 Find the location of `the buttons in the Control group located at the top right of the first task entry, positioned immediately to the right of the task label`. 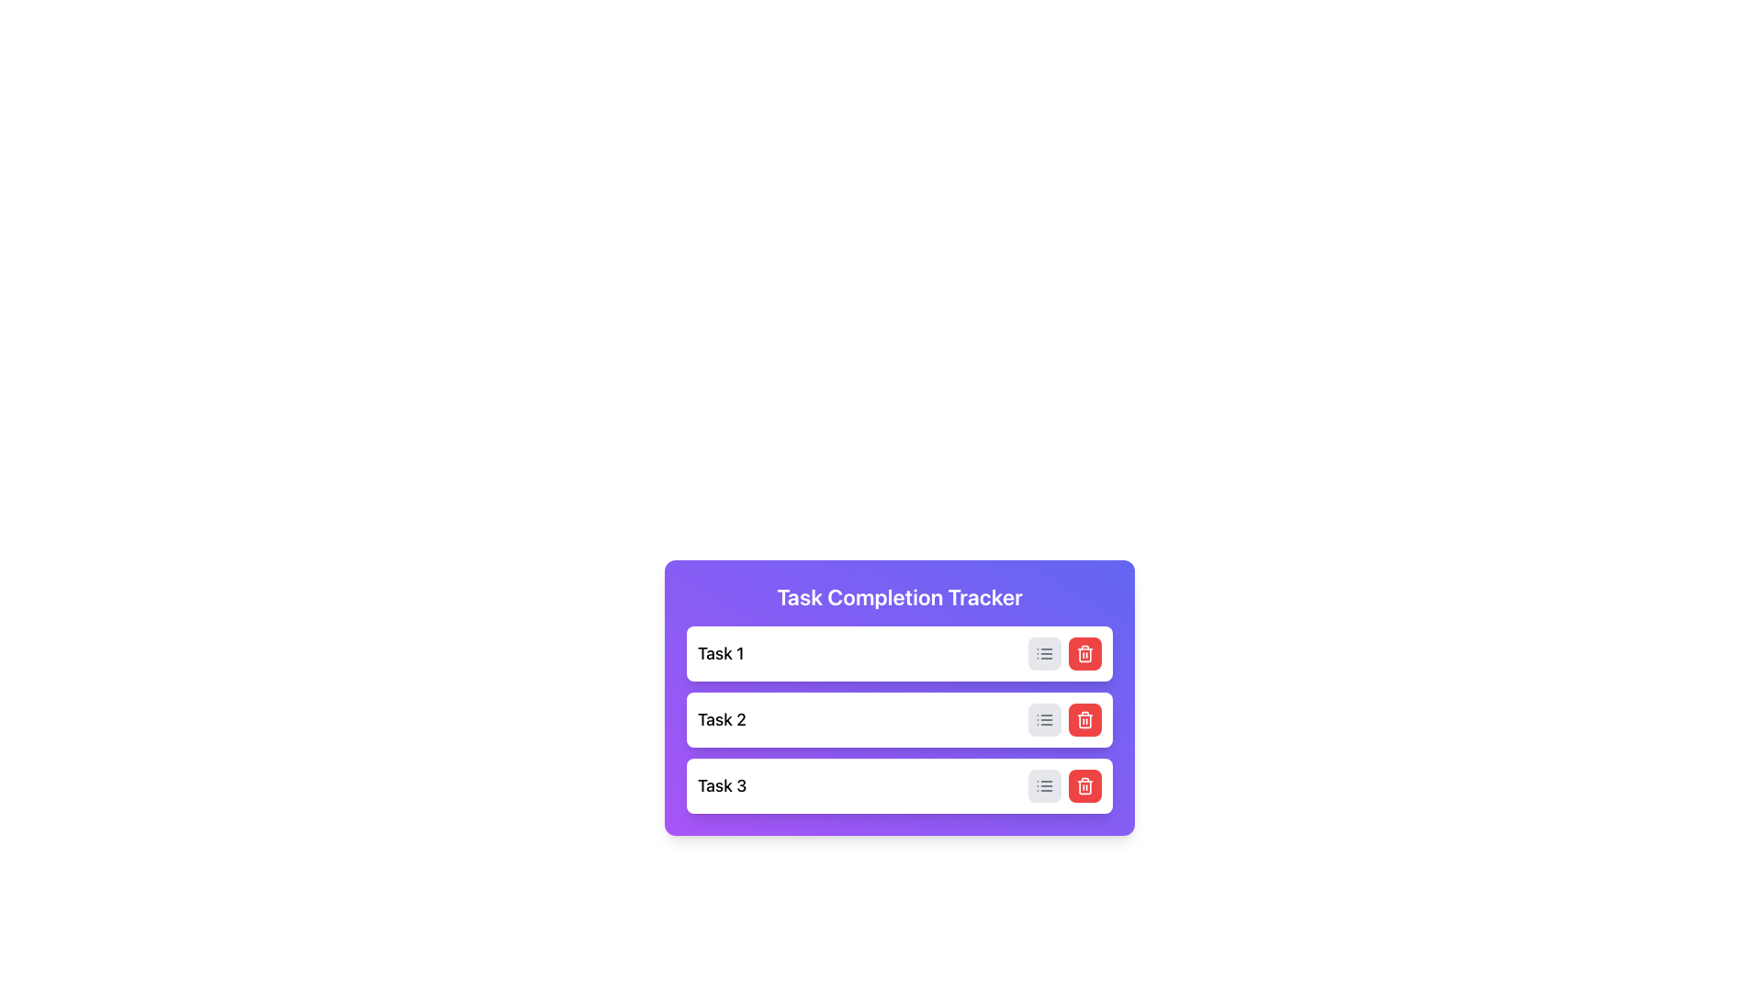

the buttons in the Control group located at the top right of the first task entry, positioned immediately to the right of the task label is located at coordinates (1065, 653).